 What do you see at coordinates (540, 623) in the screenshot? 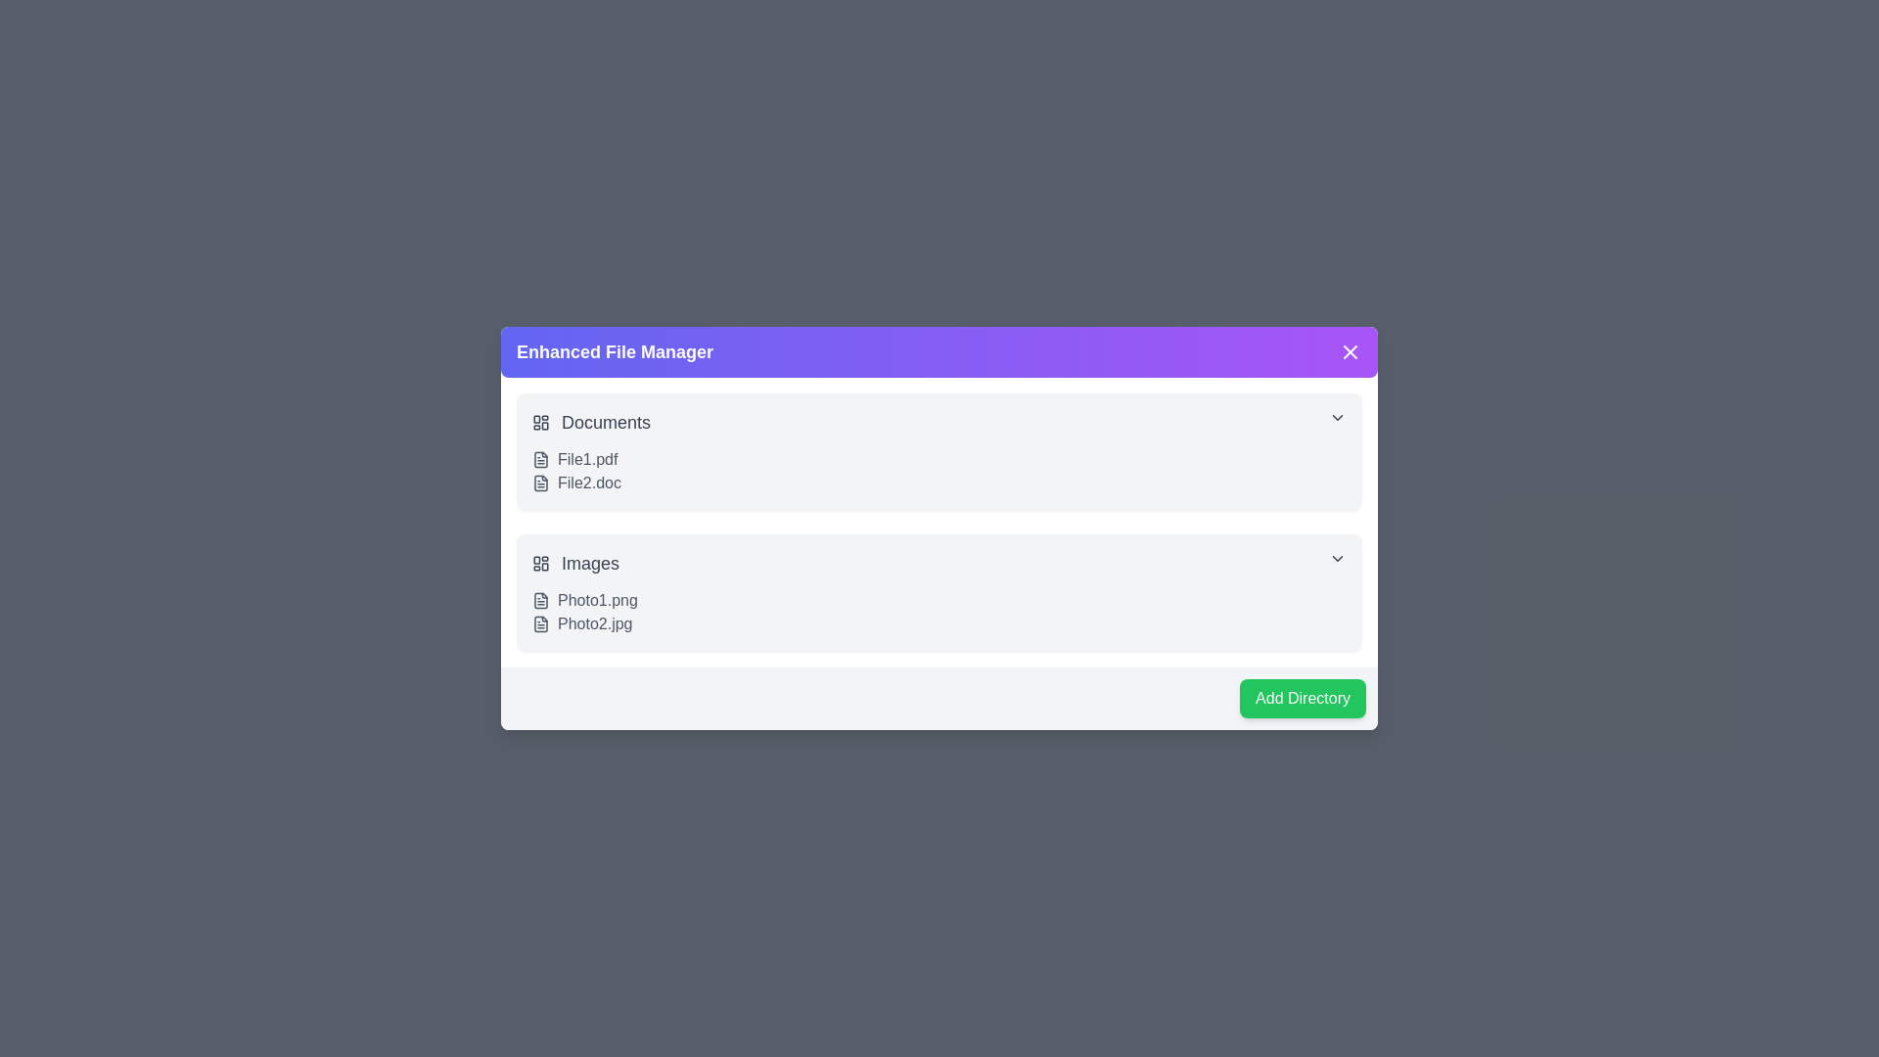
I see `the file Photo2.jpg listed under the directory Images` at bounding box center [540, 623].